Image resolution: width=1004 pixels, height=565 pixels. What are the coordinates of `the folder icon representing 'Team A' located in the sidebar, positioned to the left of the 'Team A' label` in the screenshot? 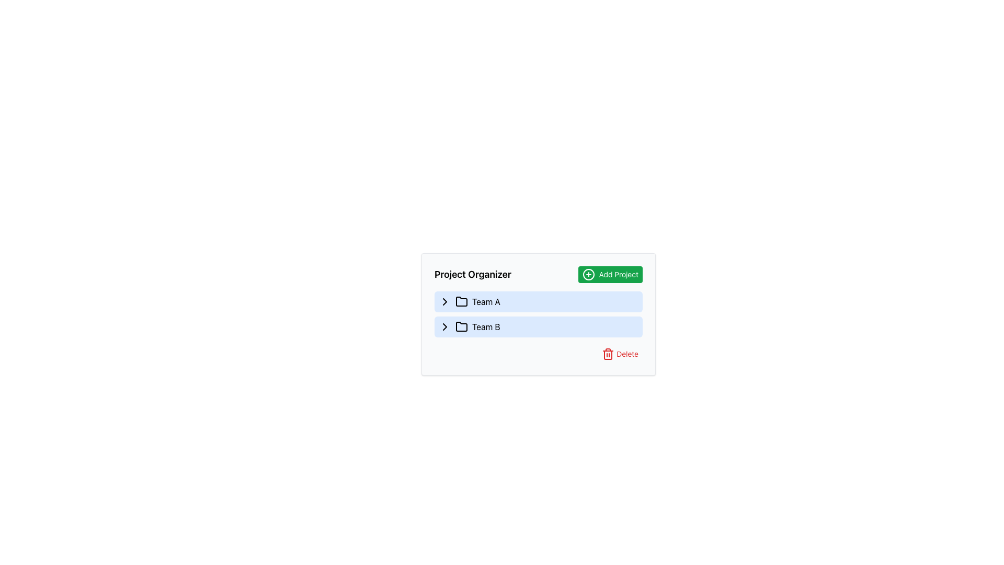 It's located at (461, 301).